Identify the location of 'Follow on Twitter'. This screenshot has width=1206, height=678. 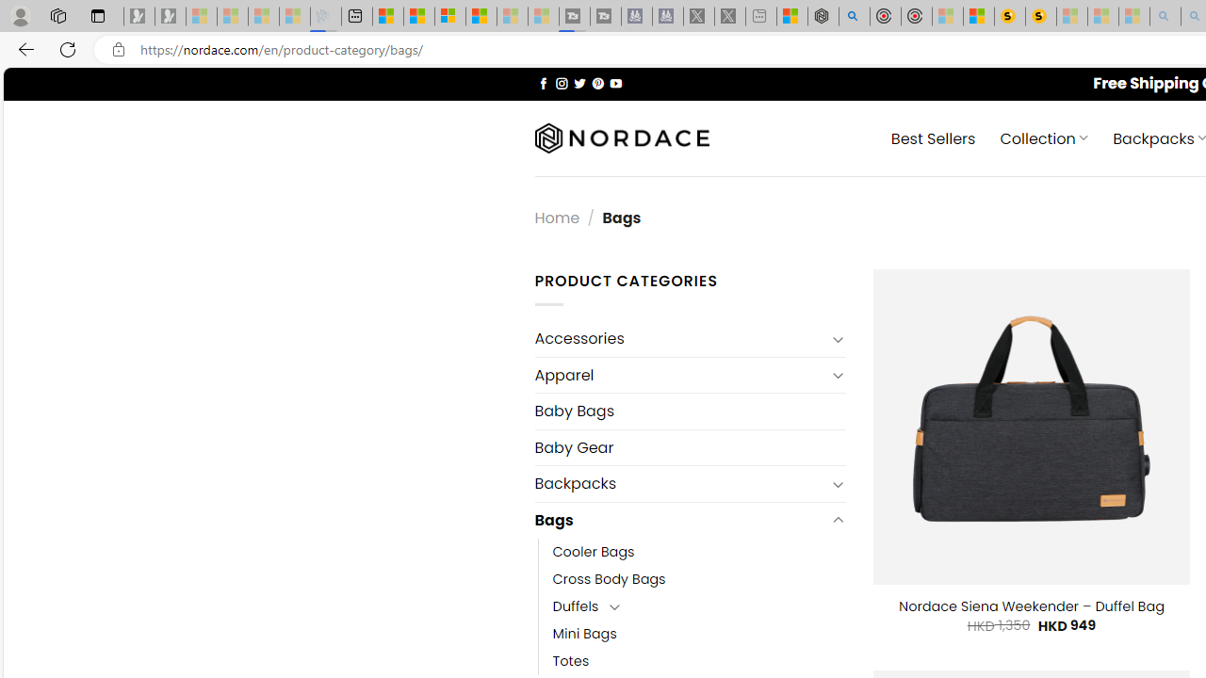
(579, 82).